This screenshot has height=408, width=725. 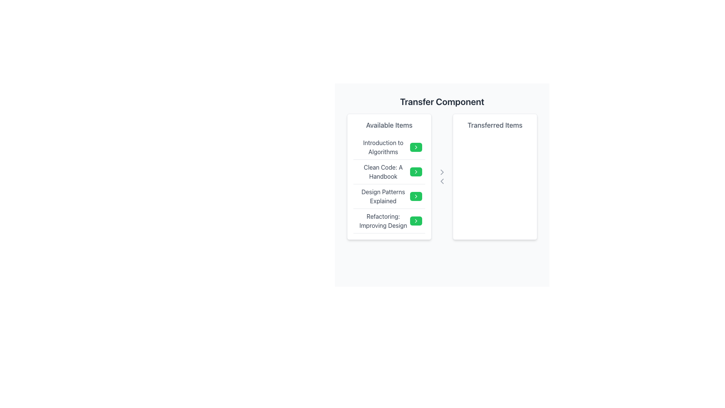 What do you see at coordinates (389, 221) in the screenshot?
I see `the green button associated with the fourth item in the 'Available Items' list to transfer it to the 'Transferred Items' panel` at bounding box center [389, 221].